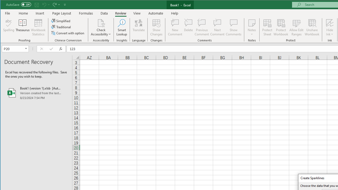  What do you see at coordinates (68, 33) in the screenshot?
I see `'Convert with option'` at bounding box center [68, 33].